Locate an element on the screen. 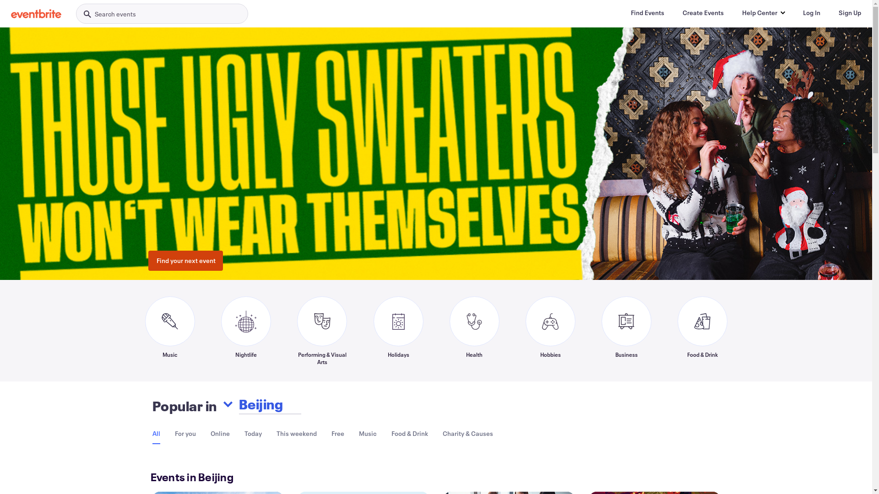 This screenshot has width=879, height=494. 'Holidays' is located at coordinates (398, 330).